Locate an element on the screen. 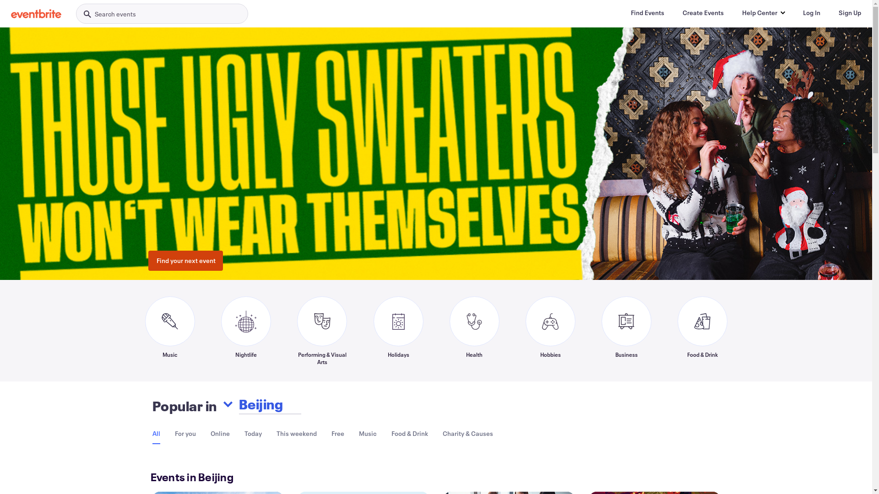 This screenshot has width=879, height=494. 'Holidays' is located at coordinates (398, 330).